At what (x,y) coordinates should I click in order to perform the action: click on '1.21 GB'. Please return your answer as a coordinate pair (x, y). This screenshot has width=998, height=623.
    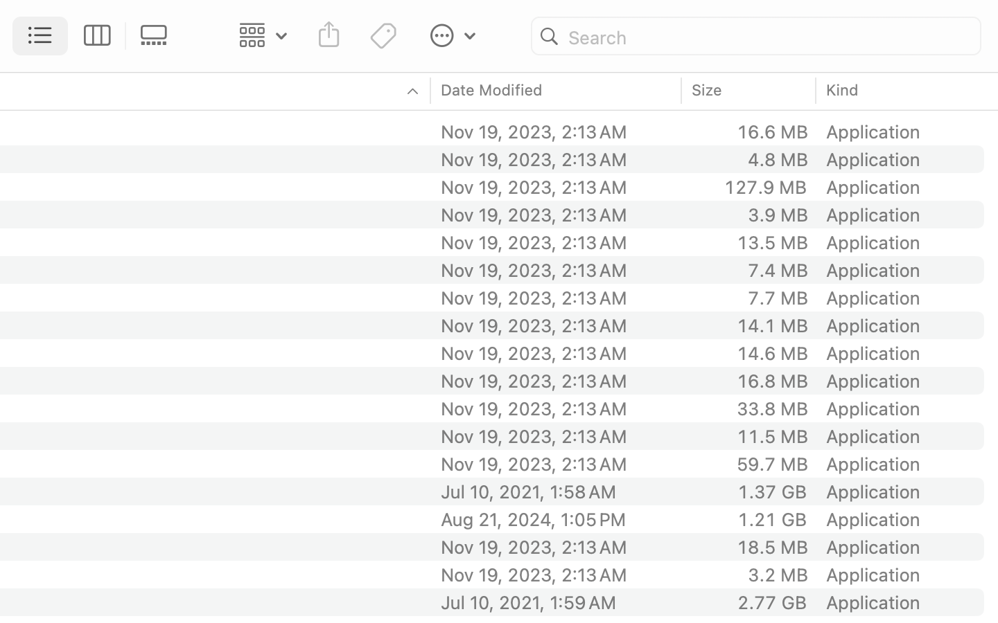
    Looking at the image, I should click on (771, 518).